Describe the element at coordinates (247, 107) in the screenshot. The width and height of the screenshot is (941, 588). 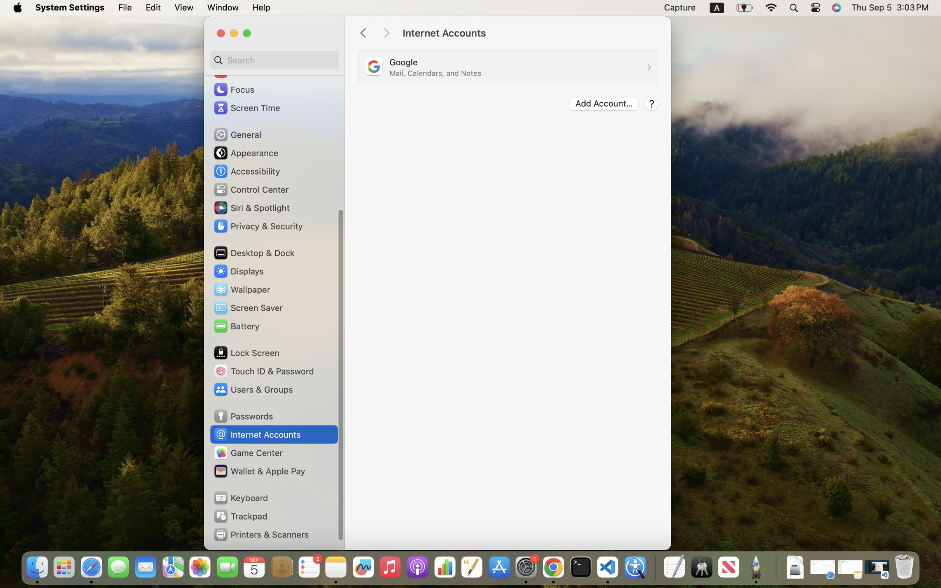
I see `'Screen Time'` at that location.